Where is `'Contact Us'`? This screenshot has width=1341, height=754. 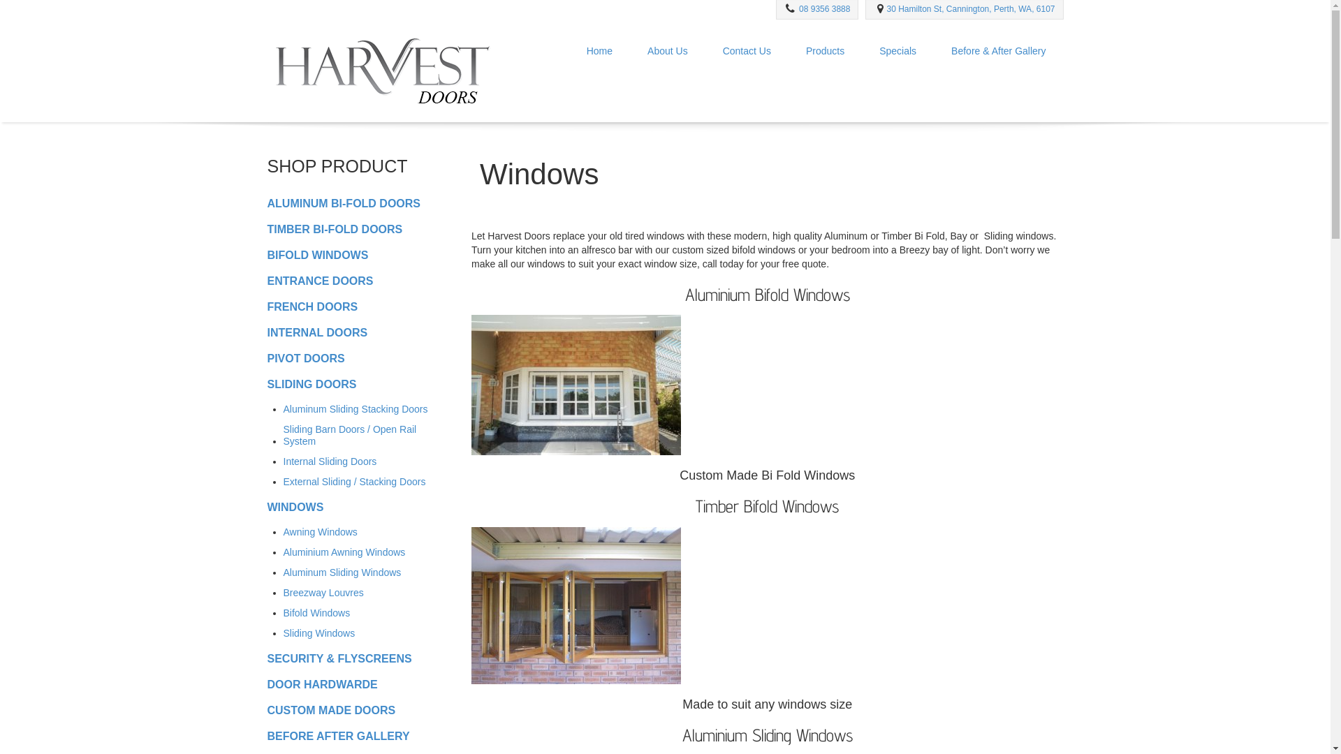 'Contact Us' is located at coordinates (746, 50).